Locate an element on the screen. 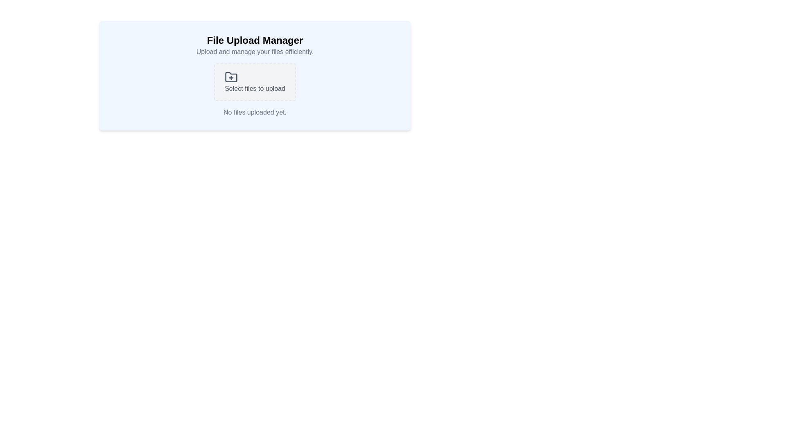 The width and height of the screenshot is (786, 442). the folder icon with a plus sign overlaid, located beneath the 'File Upload Manager' heading is located at coordinates (231, 77).